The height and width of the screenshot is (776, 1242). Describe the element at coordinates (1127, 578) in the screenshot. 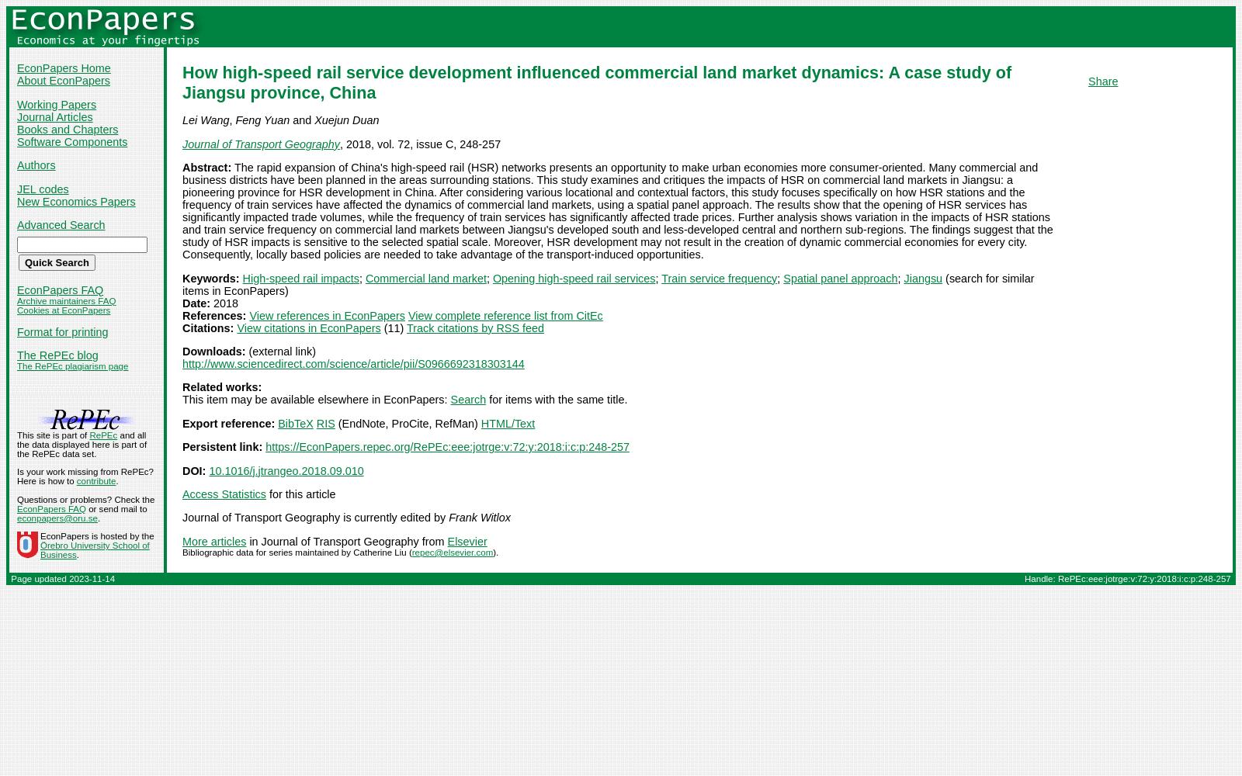

I see `'Handle: RePEc:eee:jotrge:v:72:y:2018:i:c:p:248-257'` at that location.